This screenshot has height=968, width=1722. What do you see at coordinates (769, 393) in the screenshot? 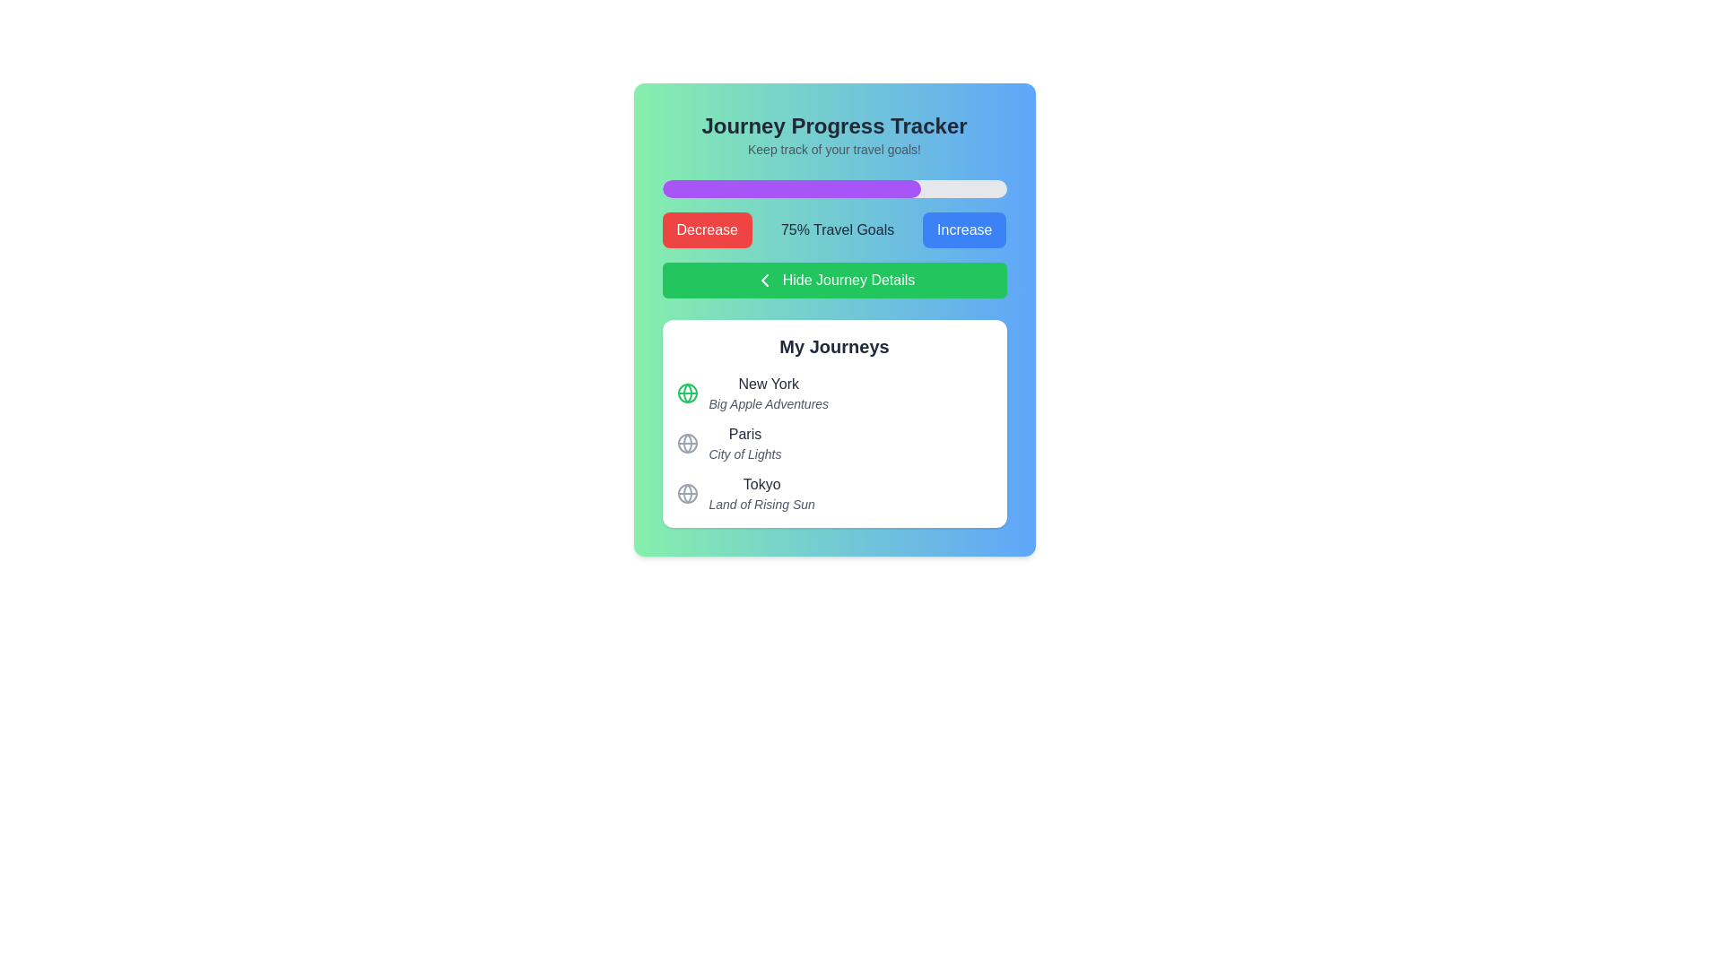
I see `the 'New York' journey entry` at bounding box center [769, 393].